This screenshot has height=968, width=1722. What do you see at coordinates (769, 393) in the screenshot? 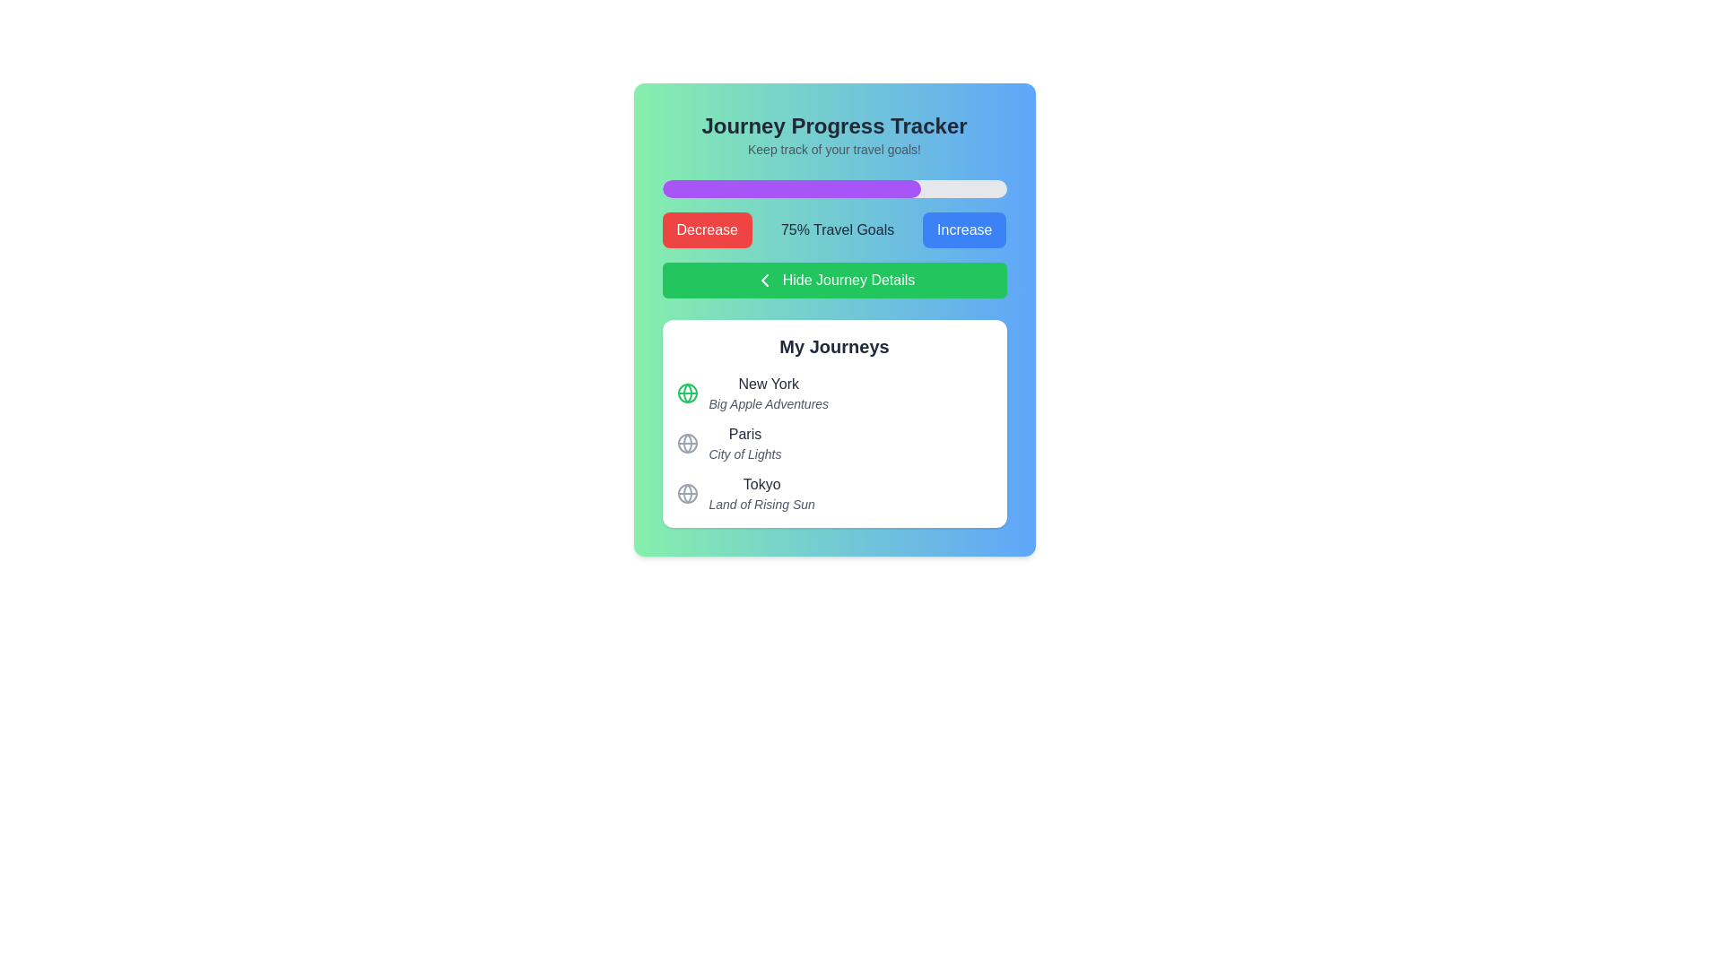
I see `the 'New York' journey entry` at bounding box center [769, 393].